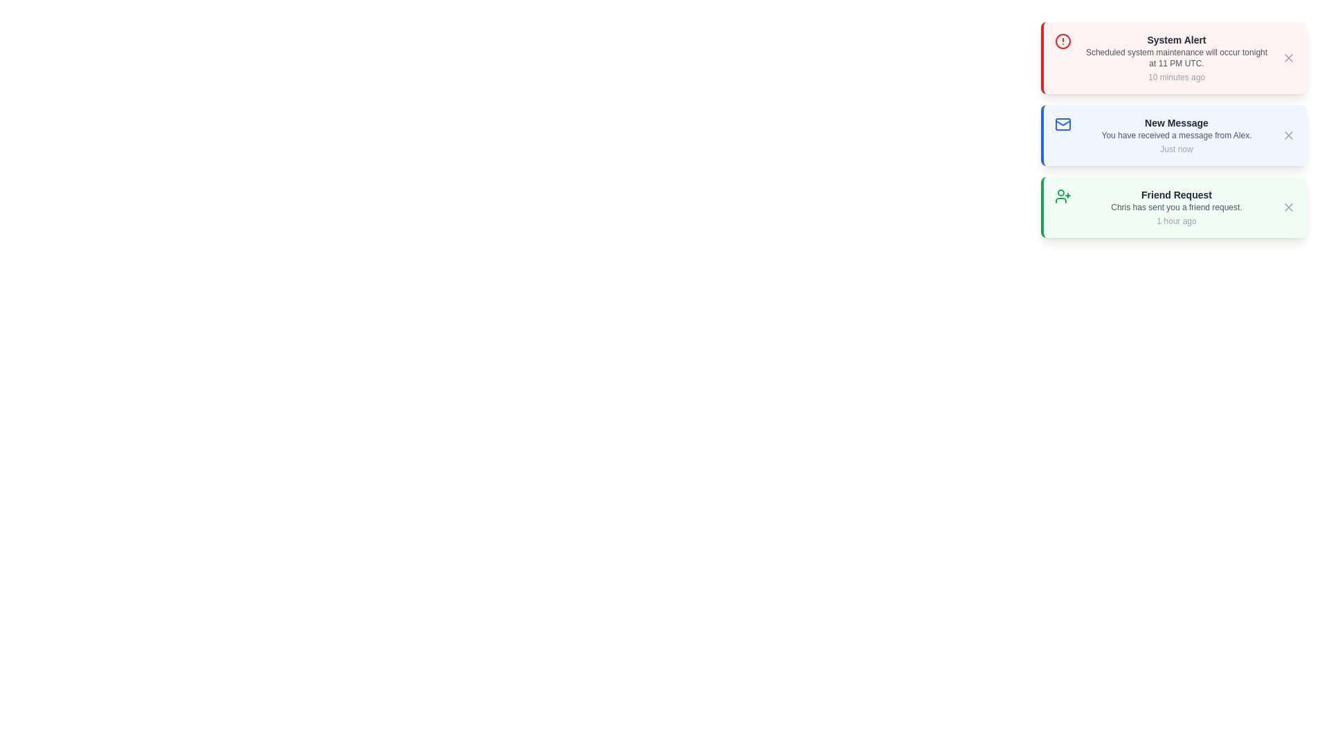 Image resolution: width=1329 pixels, height=747 pixels. What do you see at coordinates (1288, 136) in the screenshot?
I see `the dismiss button located at the far right of the 'New Message' notification card` at bounding box center [1288, 136].